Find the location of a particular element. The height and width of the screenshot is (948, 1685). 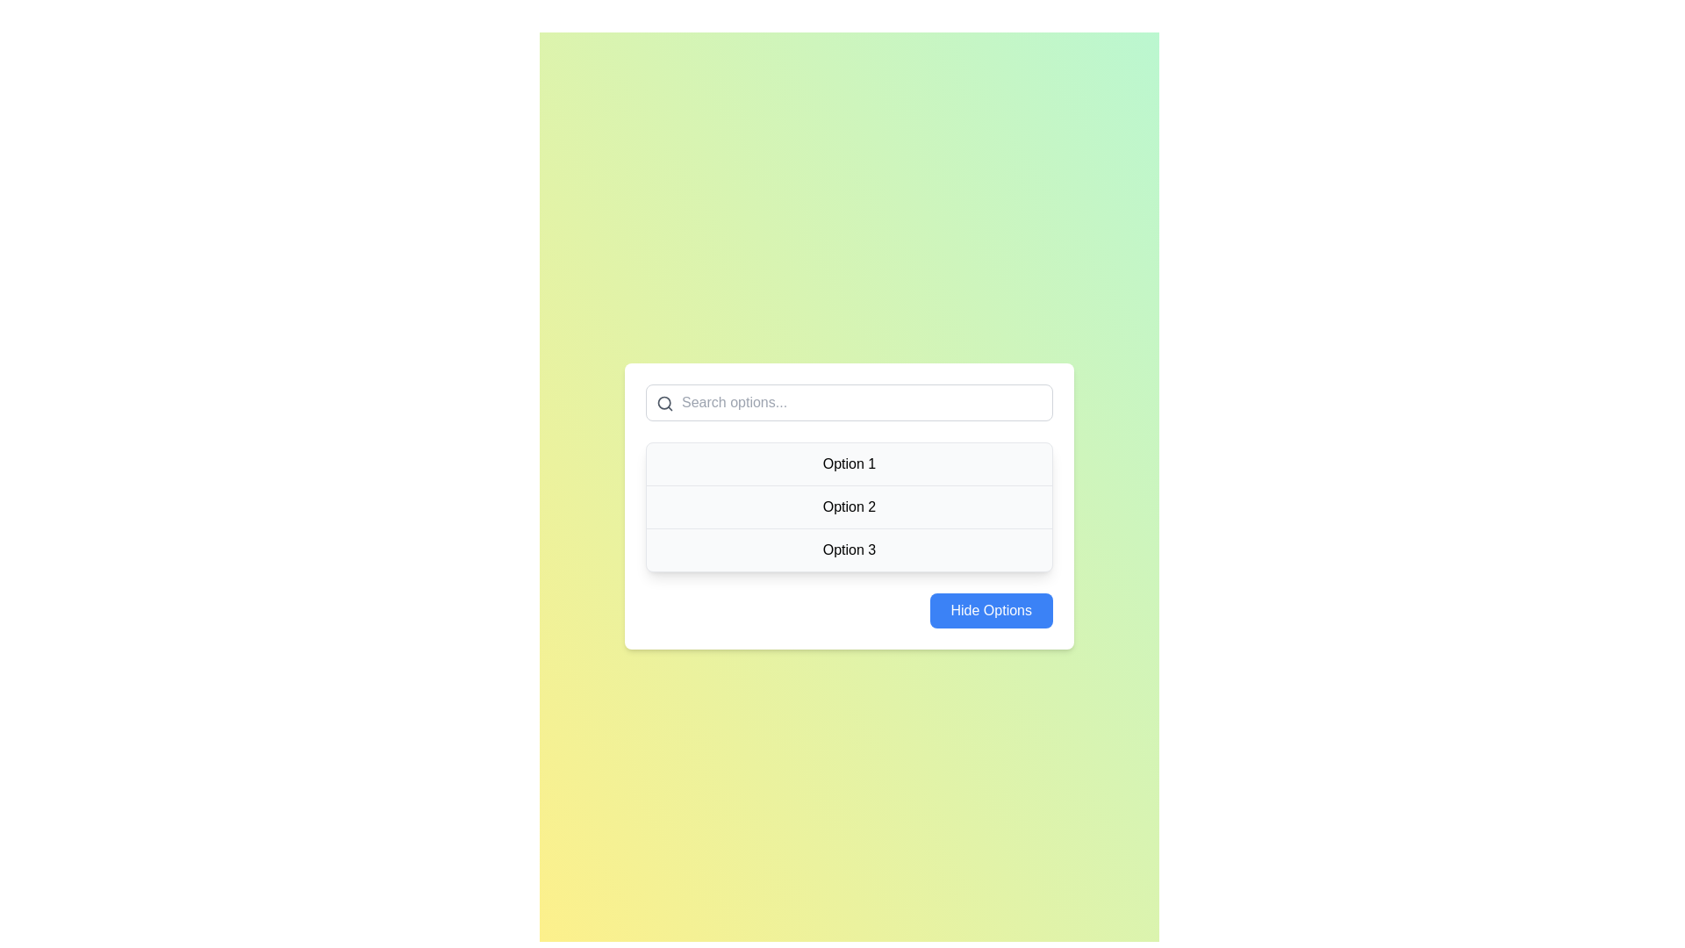

the dropdown menu option panel is located at coordinates (850, 506).